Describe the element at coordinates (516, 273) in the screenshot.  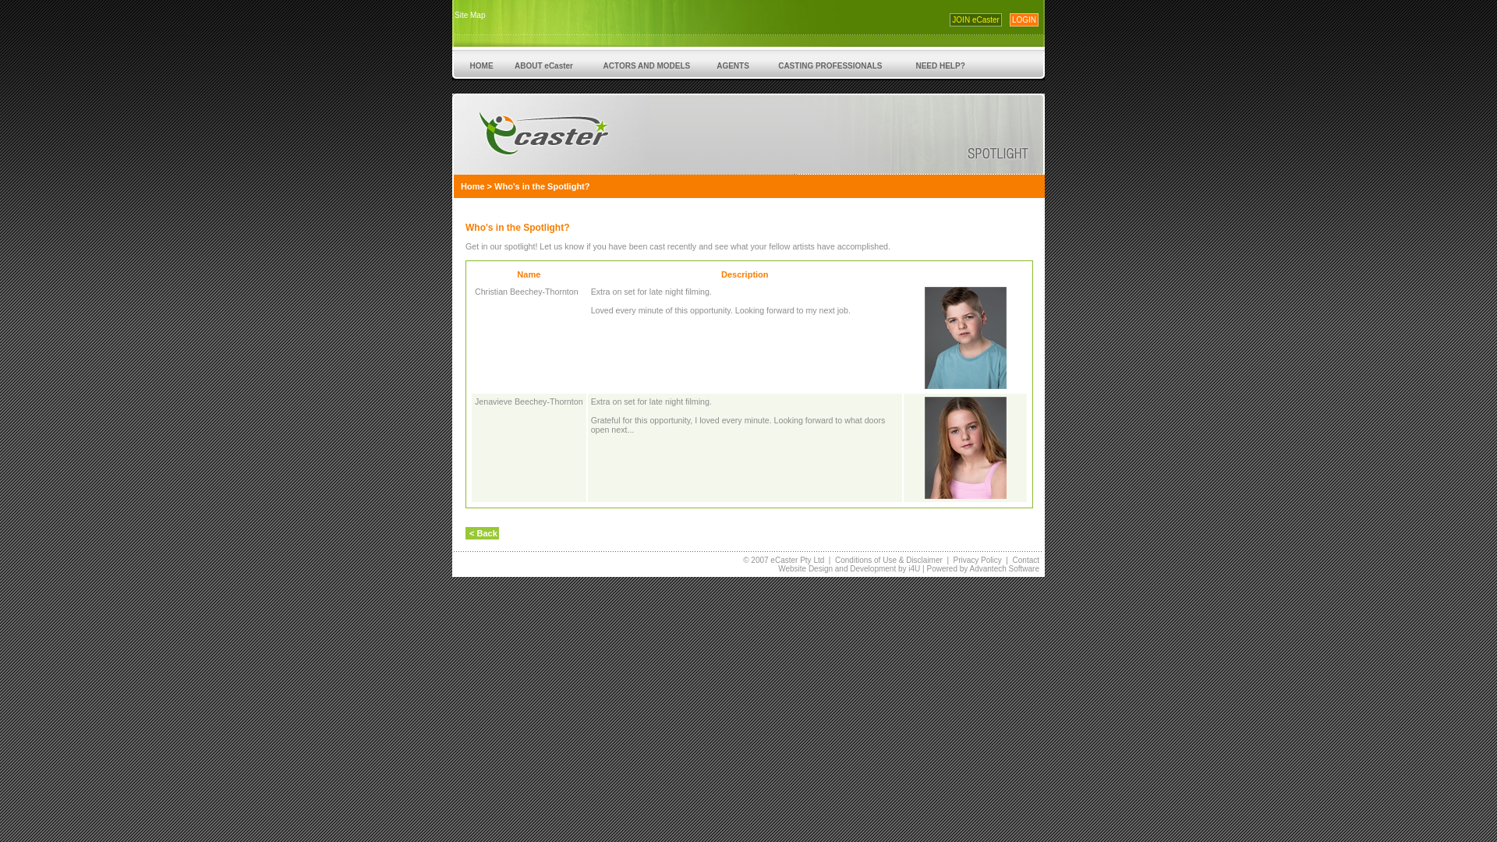
I see `'Name'` at that location.